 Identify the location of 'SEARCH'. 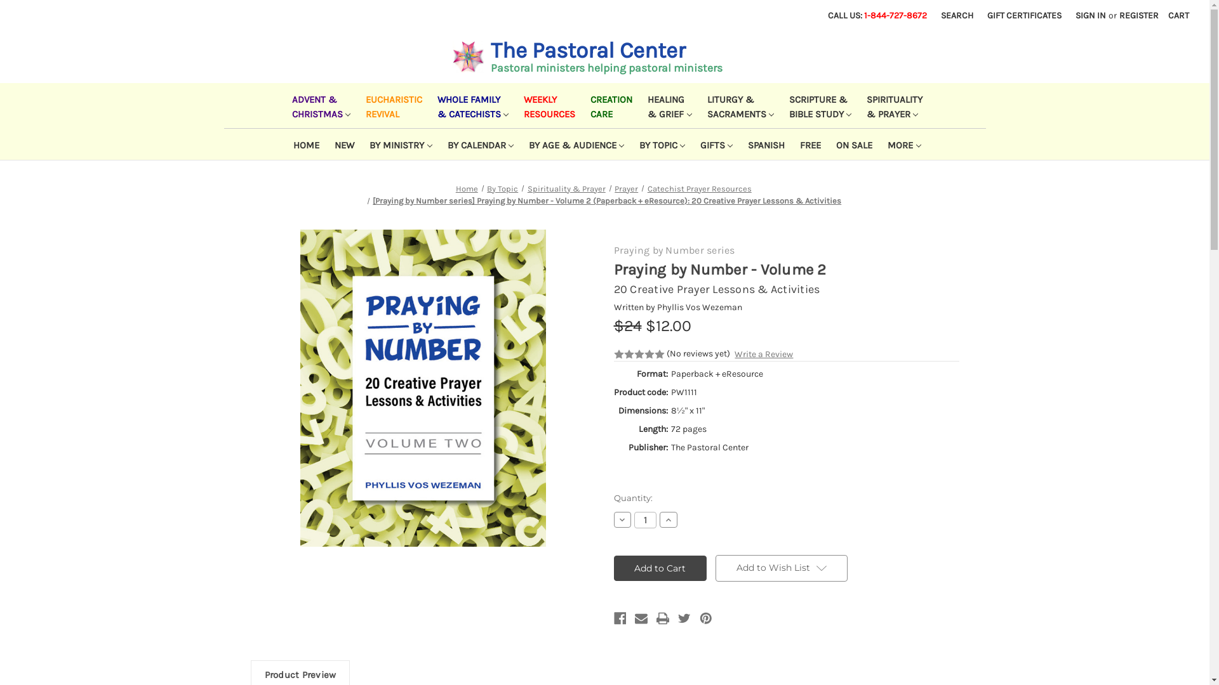
(957, 15).